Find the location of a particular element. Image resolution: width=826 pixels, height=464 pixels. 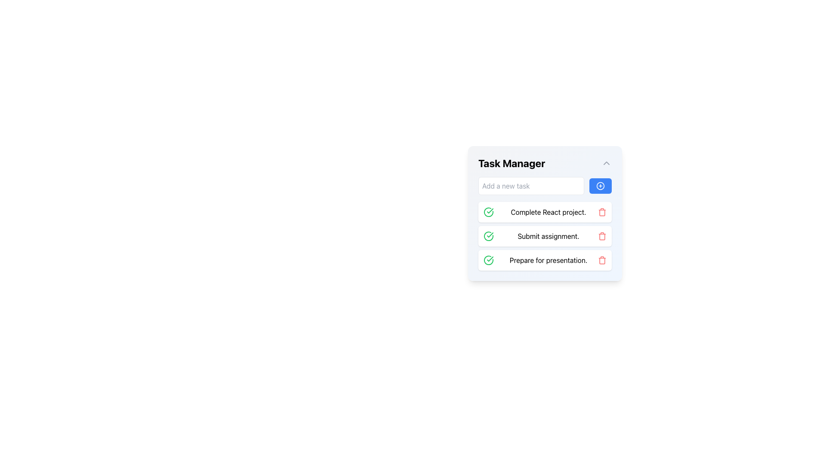

text content of the first task item label in the task manager application, located between a green check icon and a red delete icon is located at coordinates (548, 212).